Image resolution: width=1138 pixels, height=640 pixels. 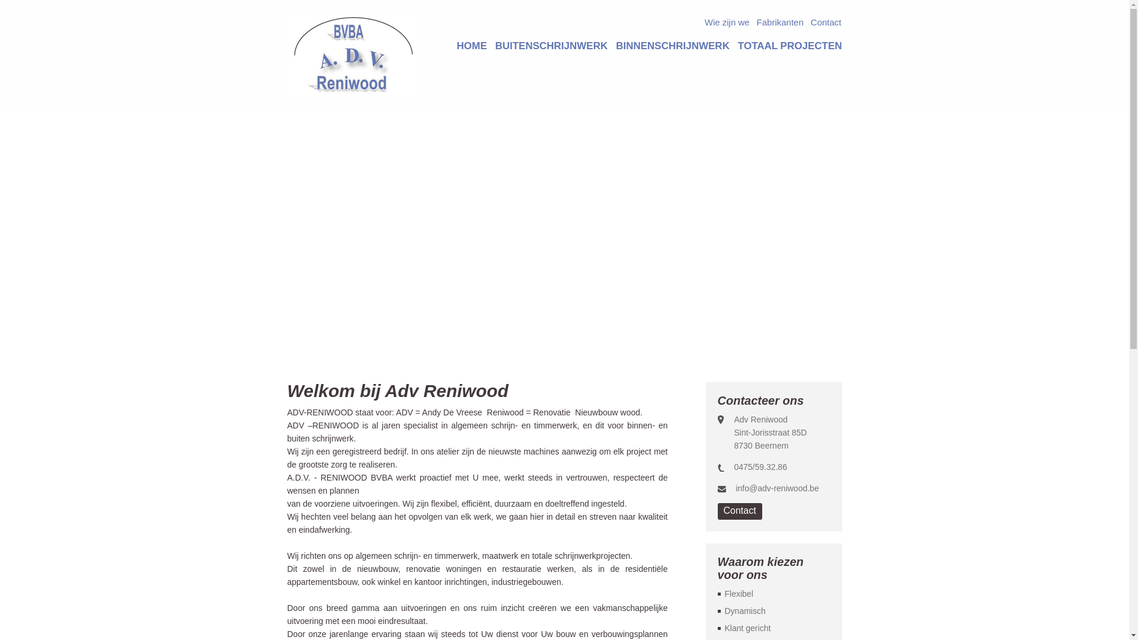 What do you see at coordinates (471, 45) in the screenshot?
I see `'HOME'` at bounding box center [471, 45].